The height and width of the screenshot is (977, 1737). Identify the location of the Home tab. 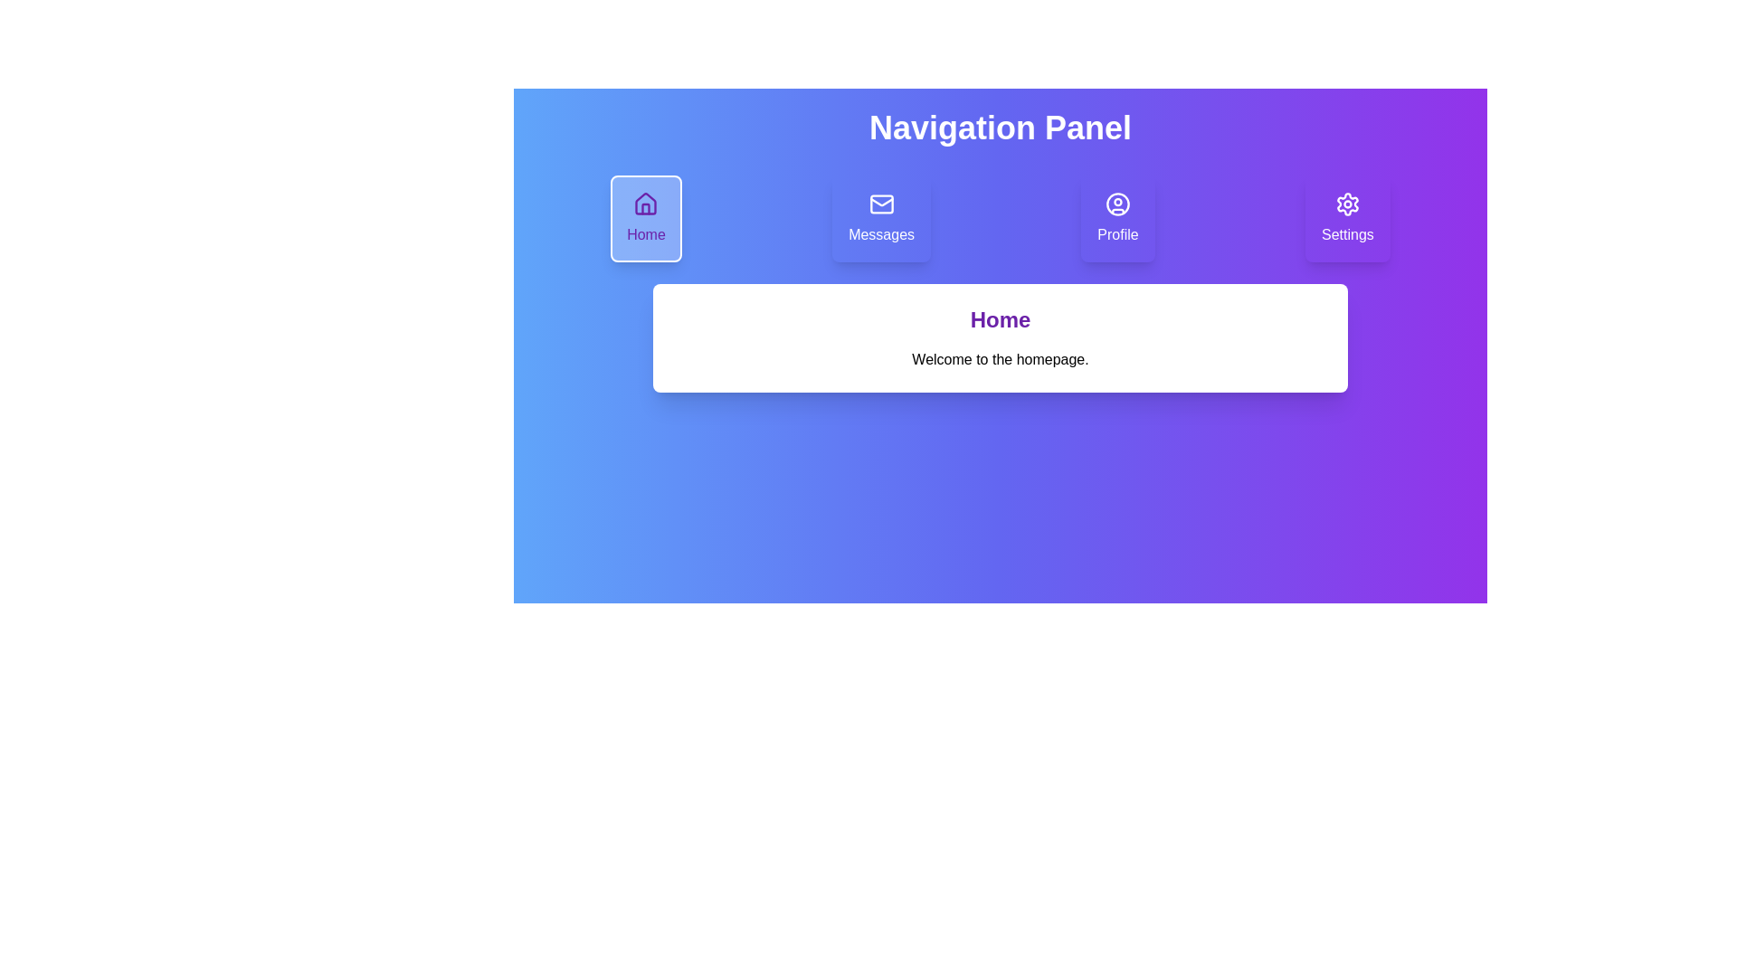
(646, 218).